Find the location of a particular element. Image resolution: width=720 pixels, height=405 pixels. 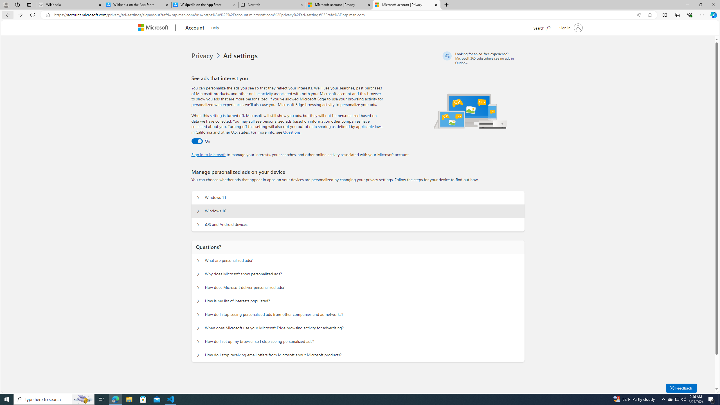

'Ad settings' is located at coordinates (241, 56).